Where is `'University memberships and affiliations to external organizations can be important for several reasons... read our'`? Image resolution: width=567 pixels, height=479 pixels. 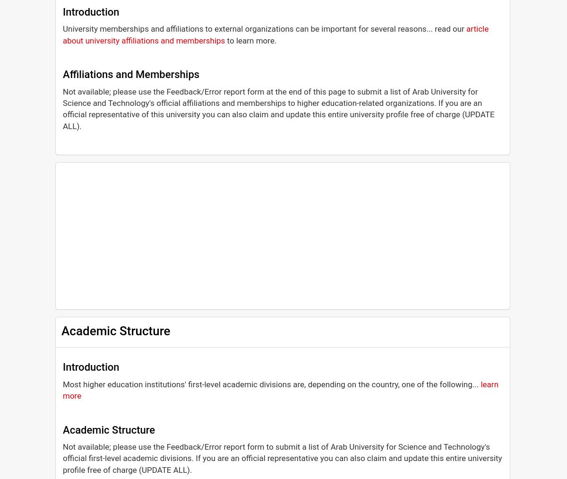 'University memberships and affiliations to external organizations can be important for several reasons... read our' is located at coordinates (264, 28).